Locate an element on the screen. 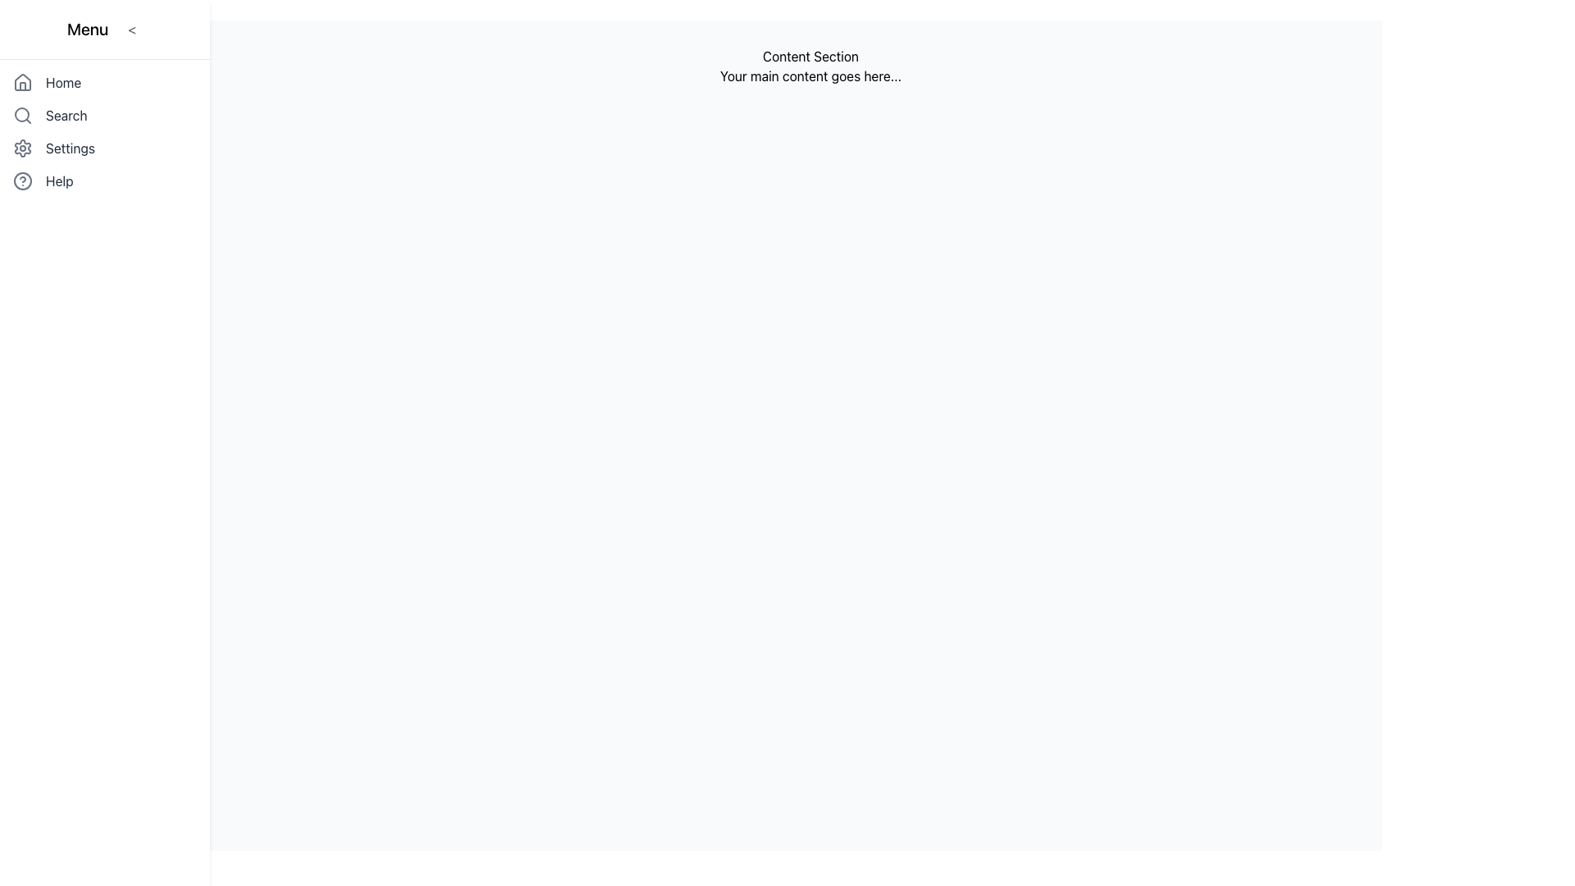 This screenshot has height=886, width=1575. the gray cogwheel icon indicating settings functionality, located next to the 'Settings' text in the left sidebar is located at coordinates (23, 148).